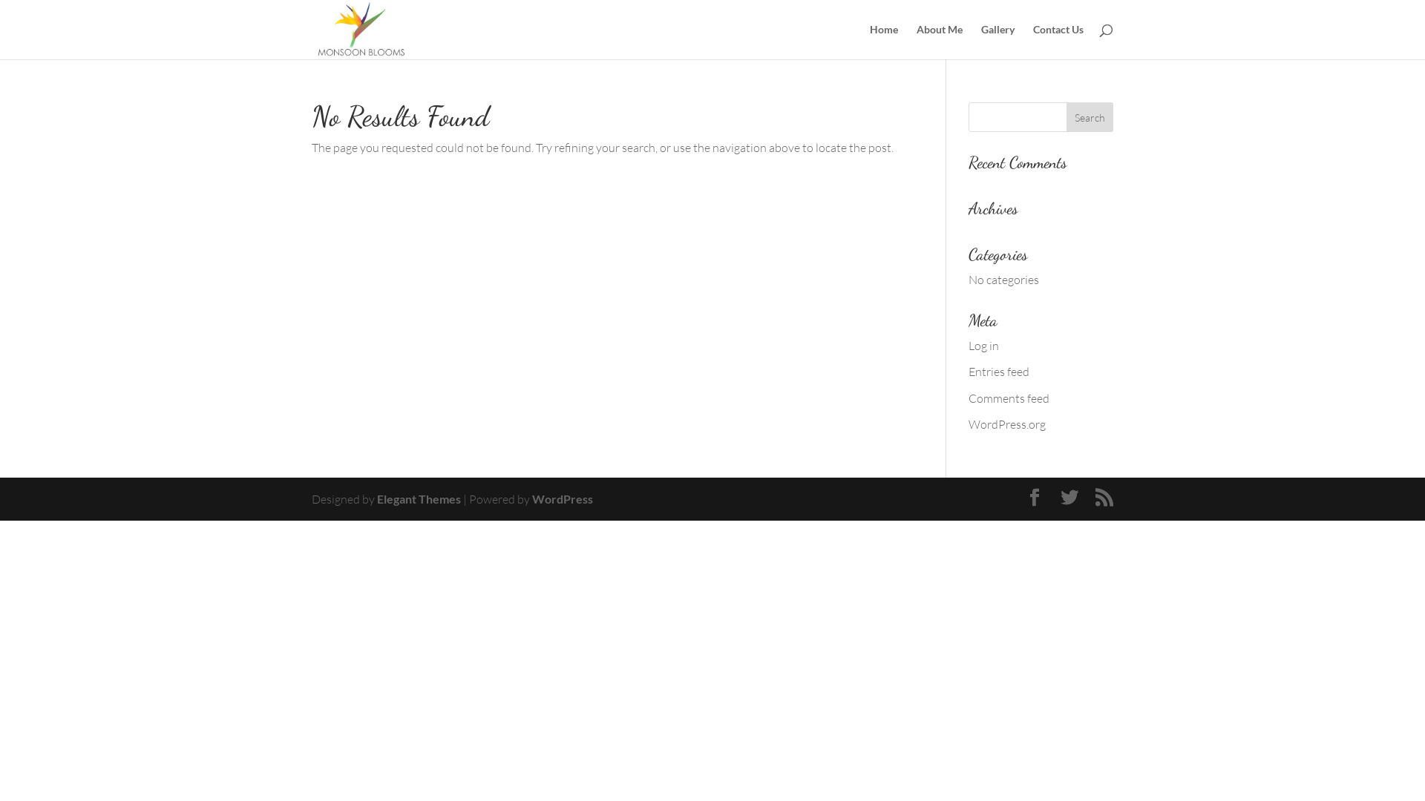 This screenshot has height=801, width=1425. Describe the element at coordinates (1057, 41) in the screenshot. I see `'Contact Us'` at that location.